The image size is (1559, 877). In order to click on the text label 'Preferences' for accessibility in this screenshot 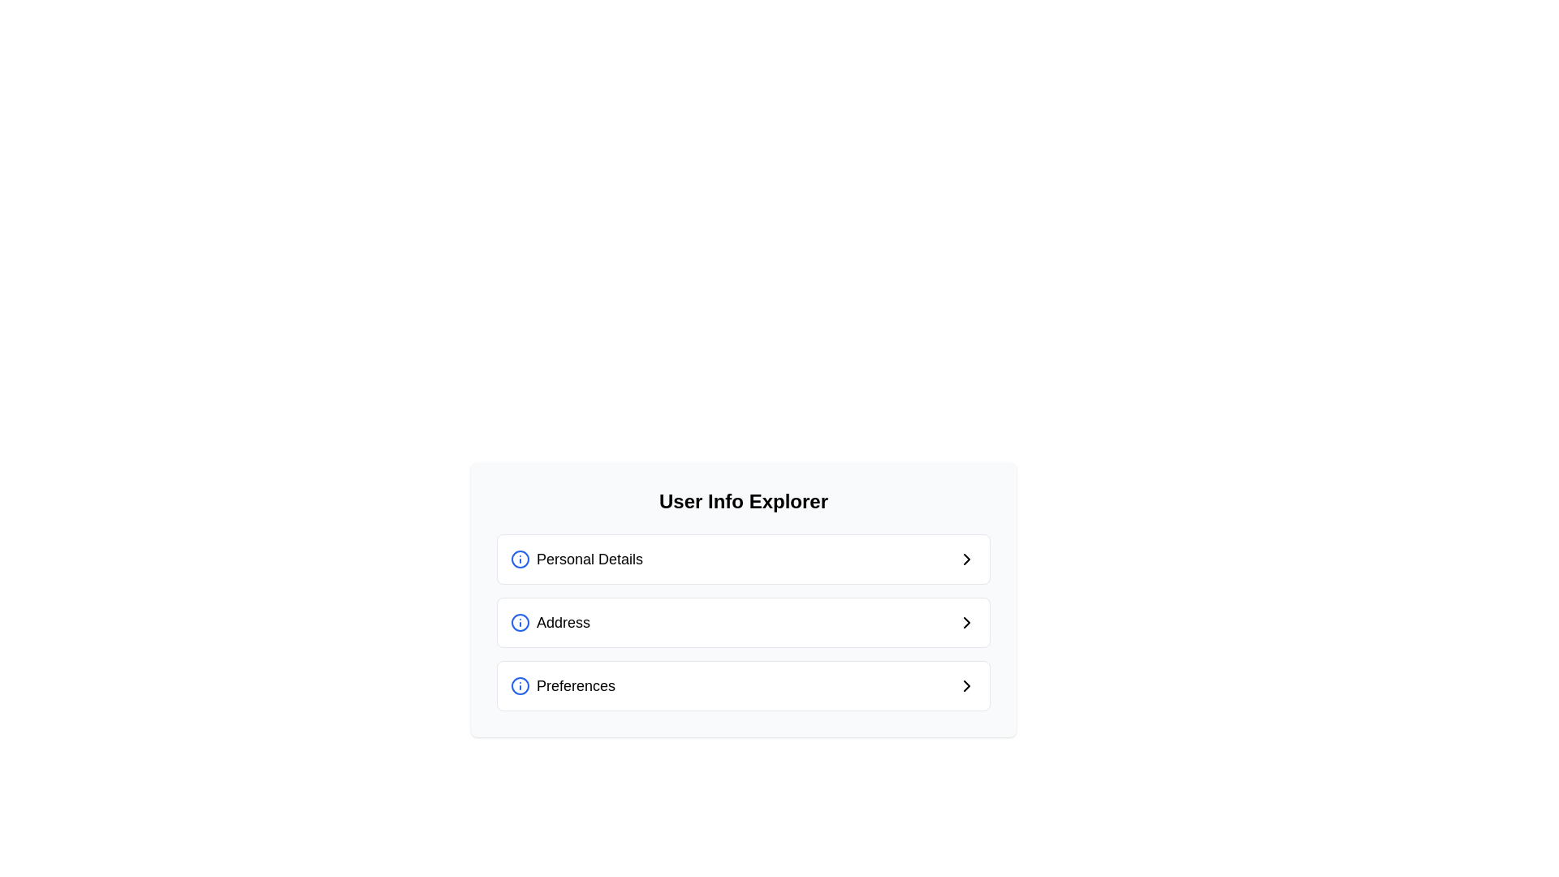, I will do `click(576, 685)`.